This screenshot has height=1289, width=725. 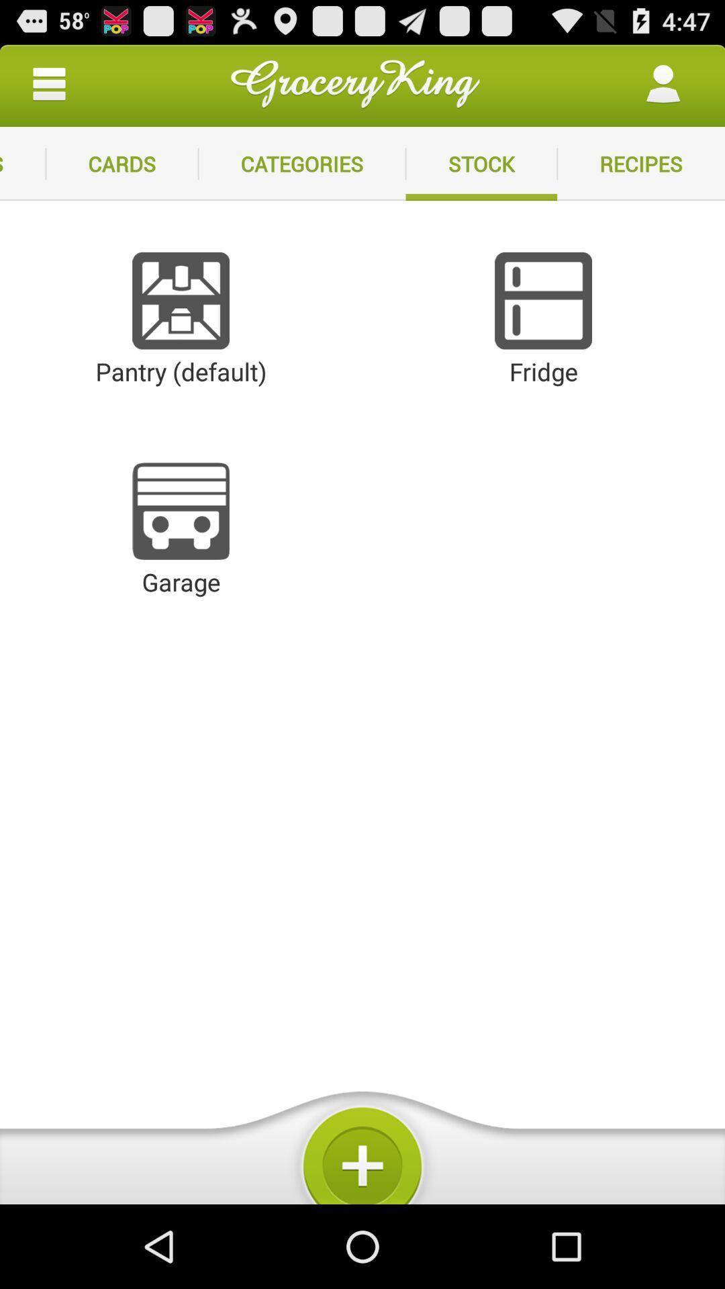 What do you see at coordinates (23, 163) in the screenshot?
I see `the icon next to the cards item` at bounding box center [23, 163].